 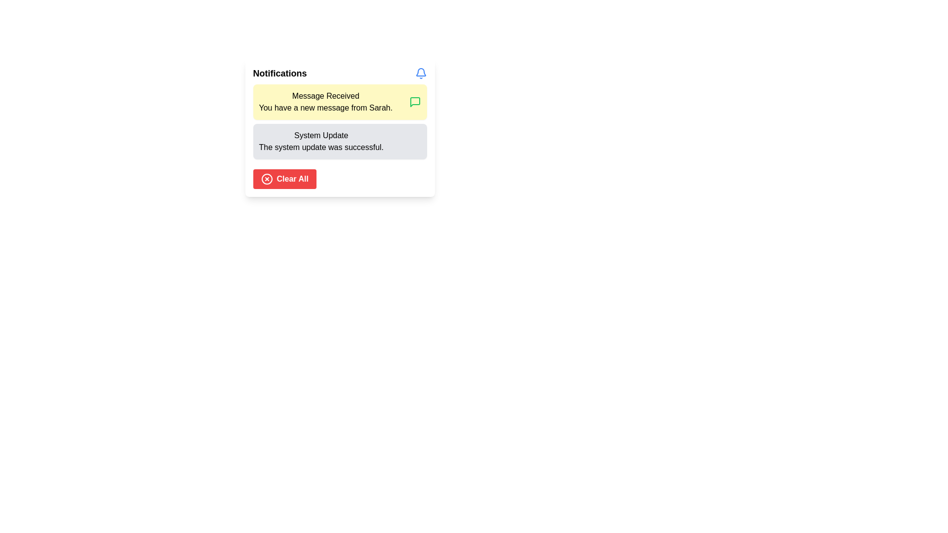 I want to click on the central circle within the SVG that contributes to the cancel or close icon, so click(x=267, y=179).